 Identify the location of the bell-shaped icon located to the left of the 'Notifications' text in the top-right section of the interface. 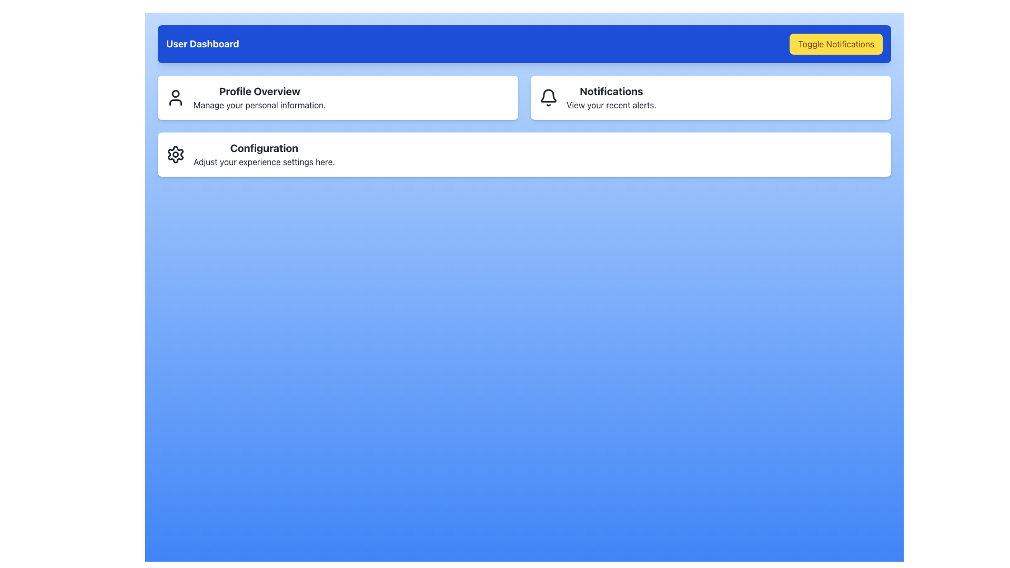
(548, 97).